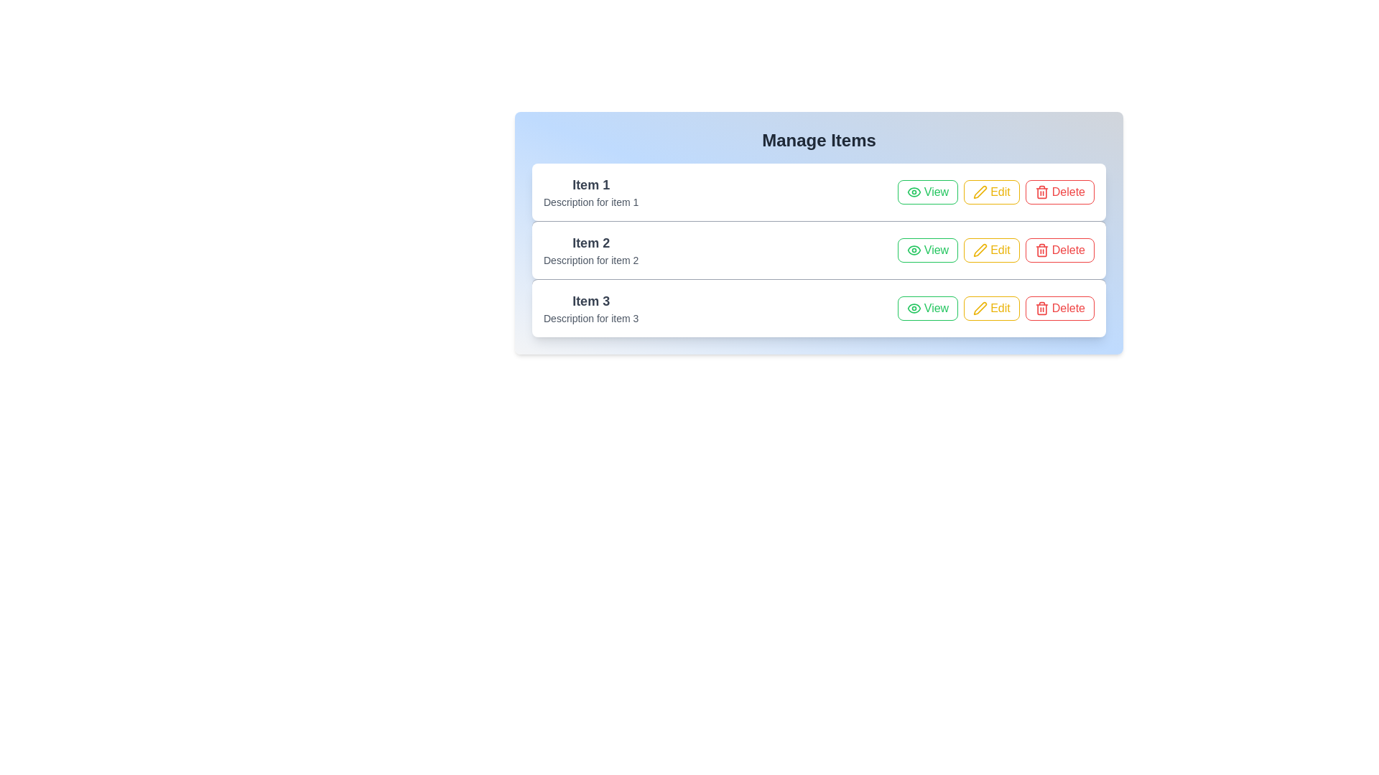 The image size is (1379, 775). I want to click on the 'View' button of the item with title Item 1, so click(927, 191).